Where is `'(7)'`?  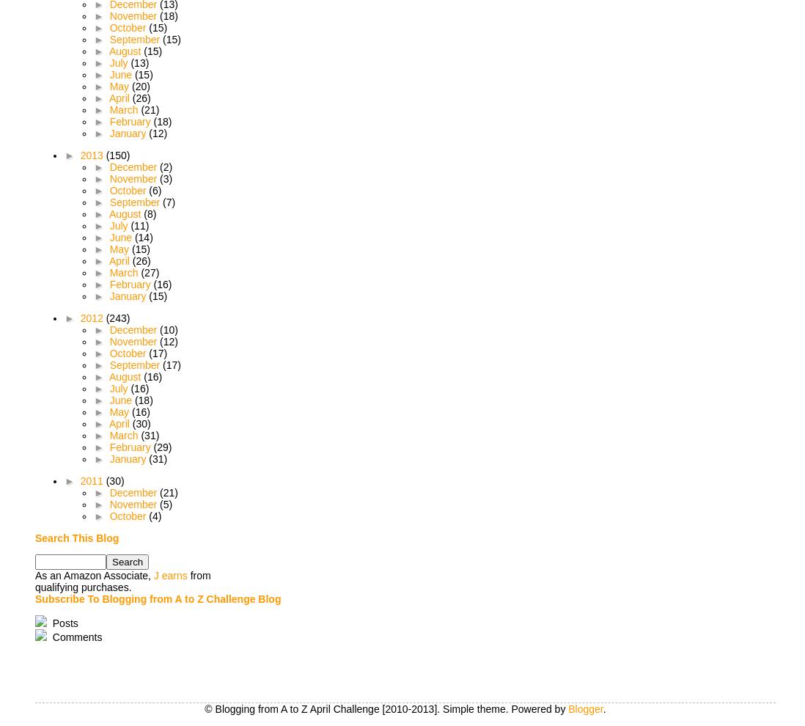
'(7)' is located at coordinates (162, 202).